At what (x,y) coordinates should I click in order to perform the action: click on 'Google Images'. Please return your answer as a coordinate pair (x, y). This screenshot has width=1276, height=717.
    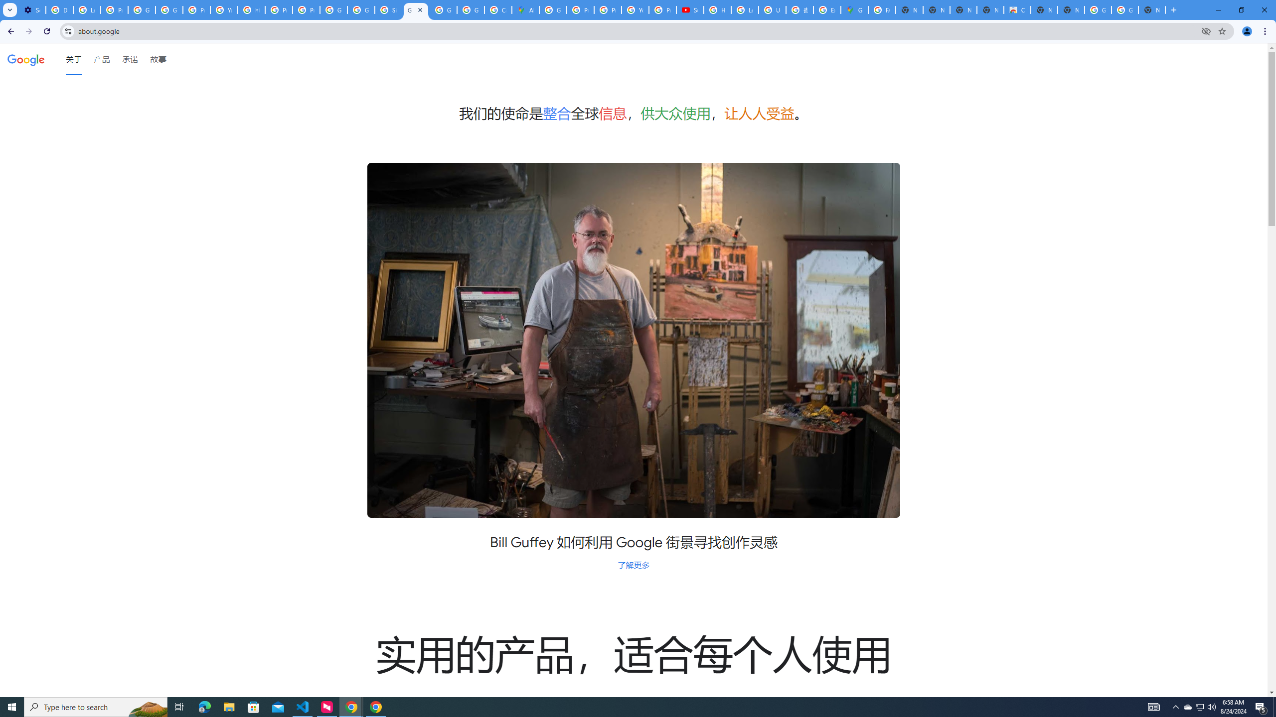
    Looking at the image, I should click on (1097, 9).